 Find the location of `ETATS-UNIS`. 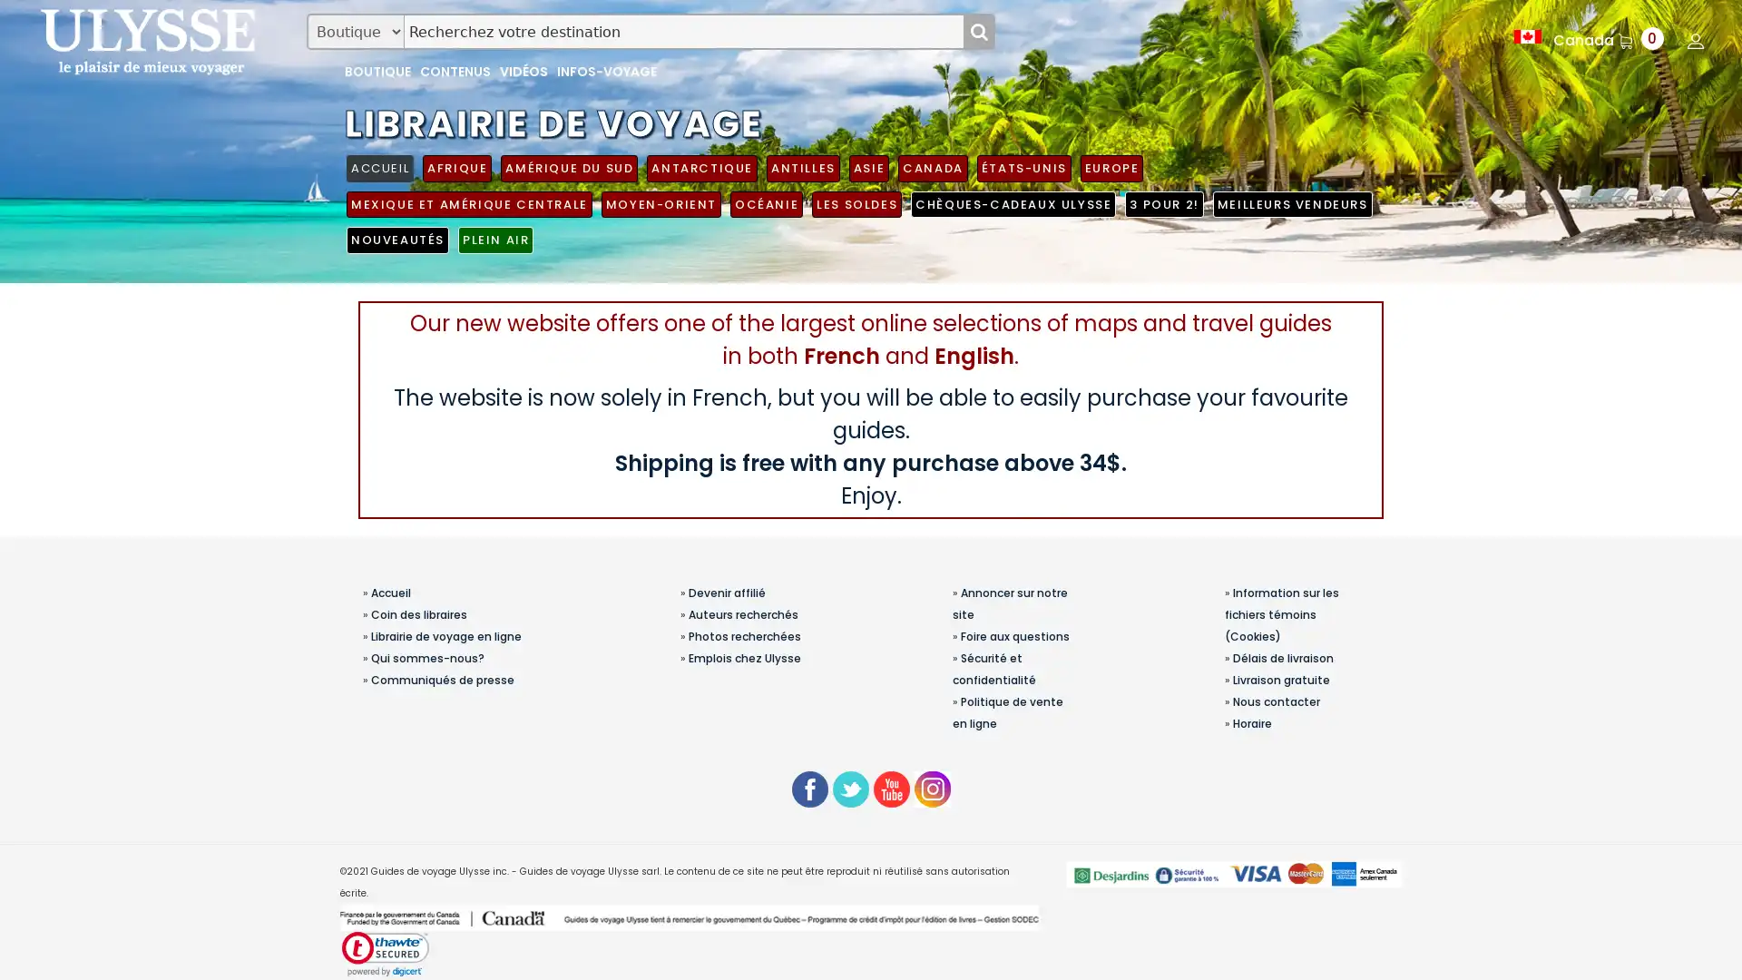

ETATS-UNIS is located at coordinates (1023, 168).